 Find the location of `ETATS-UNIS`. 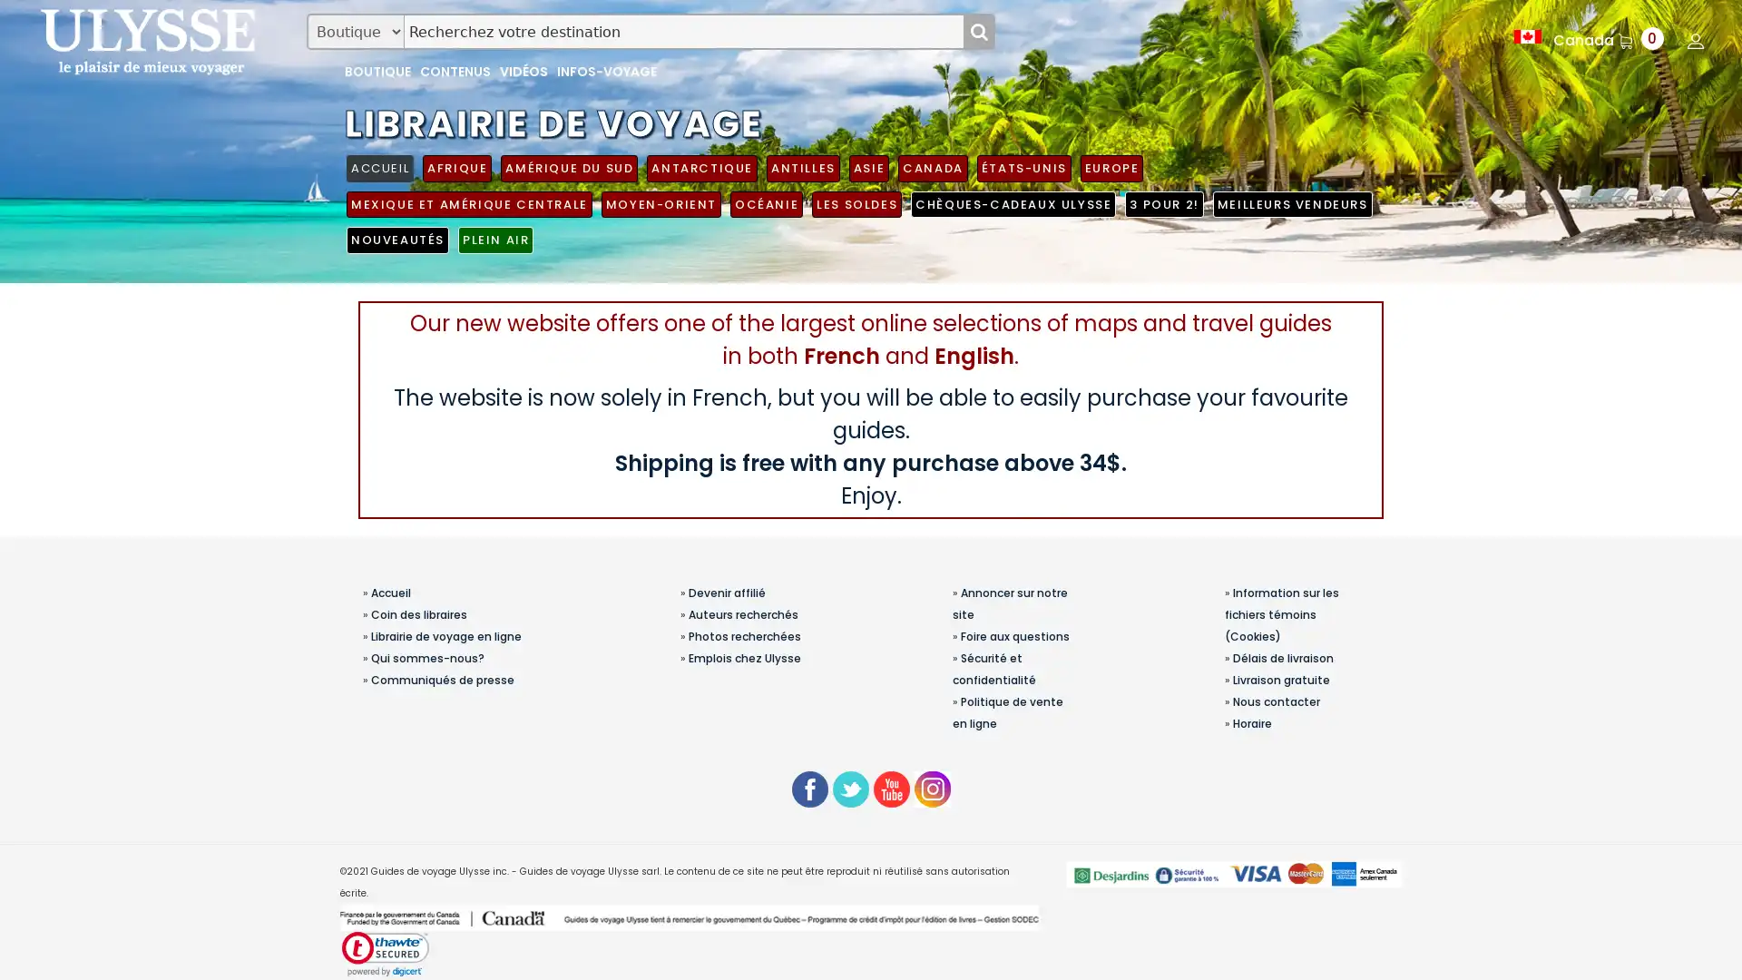

ETATS-UNIS is located at coordinates (1023, 168).